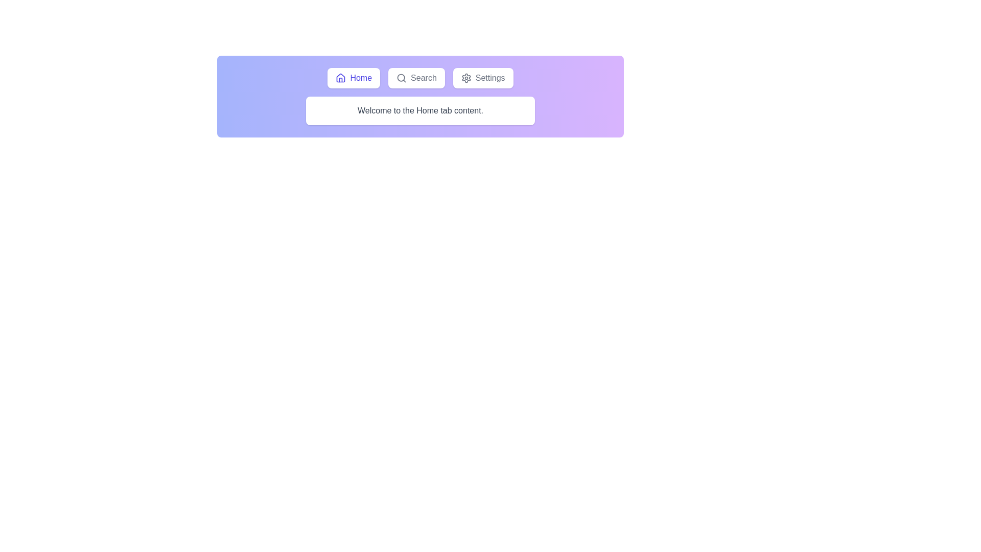 The width and height of the screenshot is (981, 552). Describe the element at coordinates (420, 78) in the screenshot. I see `the navigation bar button group located at the top area above the 'Welcome to the Home tab content' text box` at that location.